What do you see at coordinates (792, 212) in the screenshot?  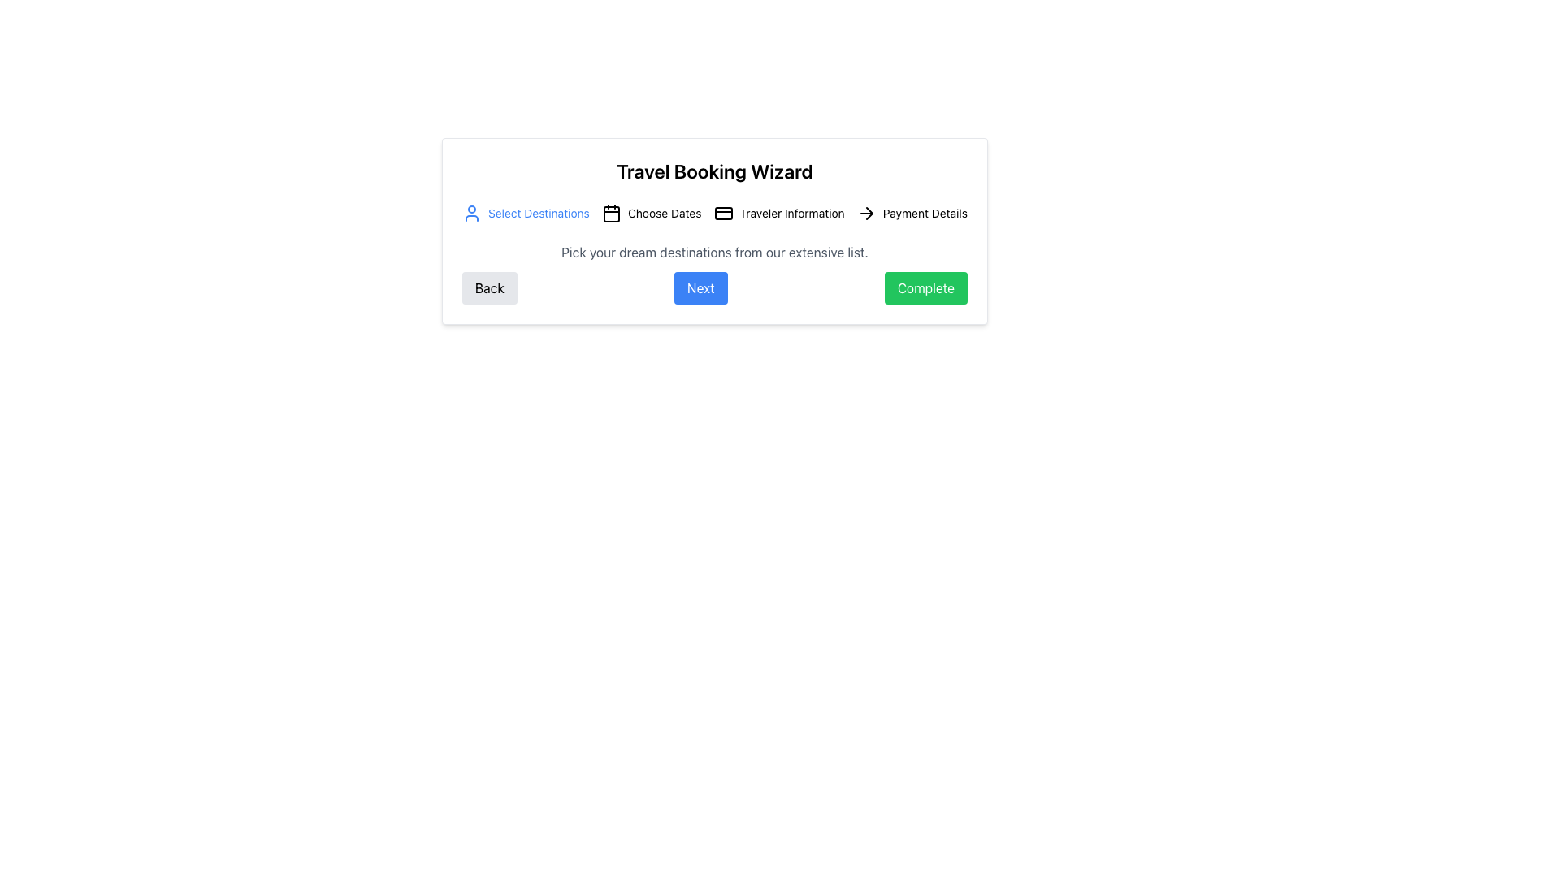 I see `the text label 'Traveler Information' located in the navigation bar, which is the third element following the credit card icon and 'Choose Dates'` at bounding box center [792, 212].